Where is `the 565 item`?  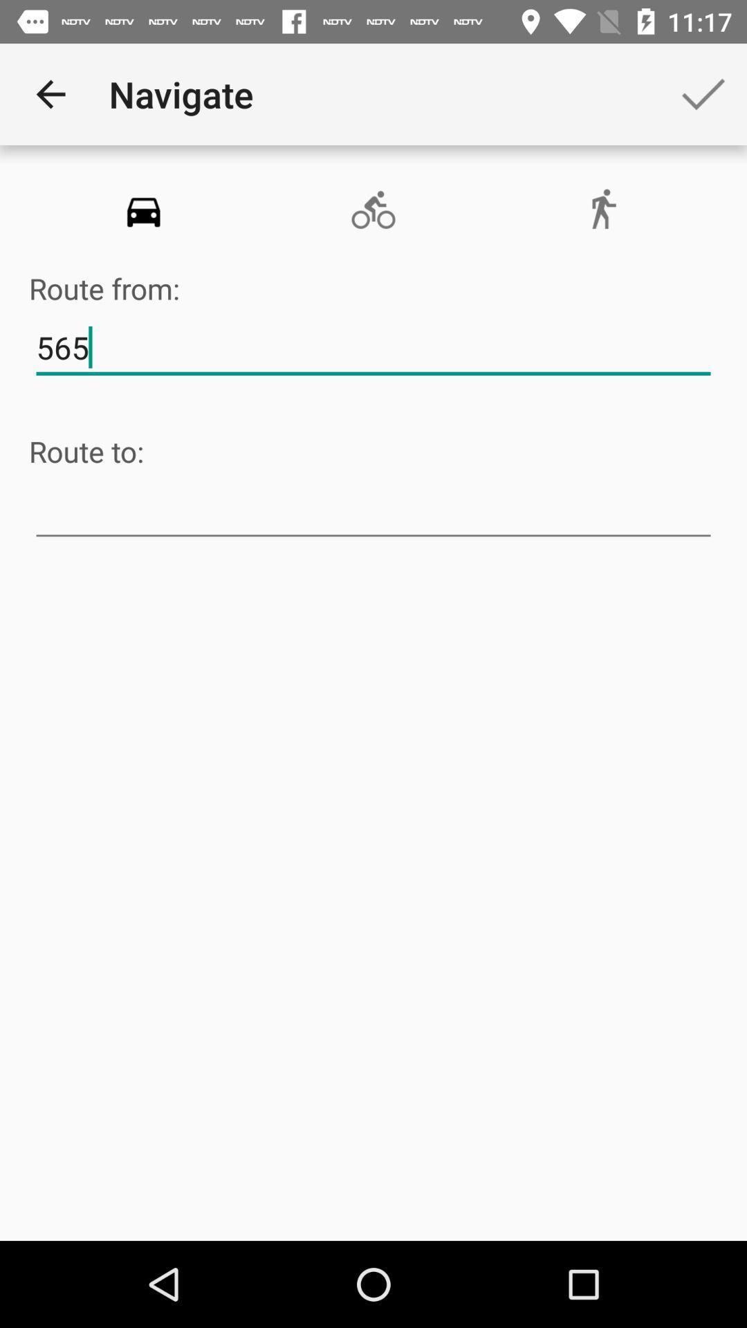 the 565 item is located at coordinates (373, 348).